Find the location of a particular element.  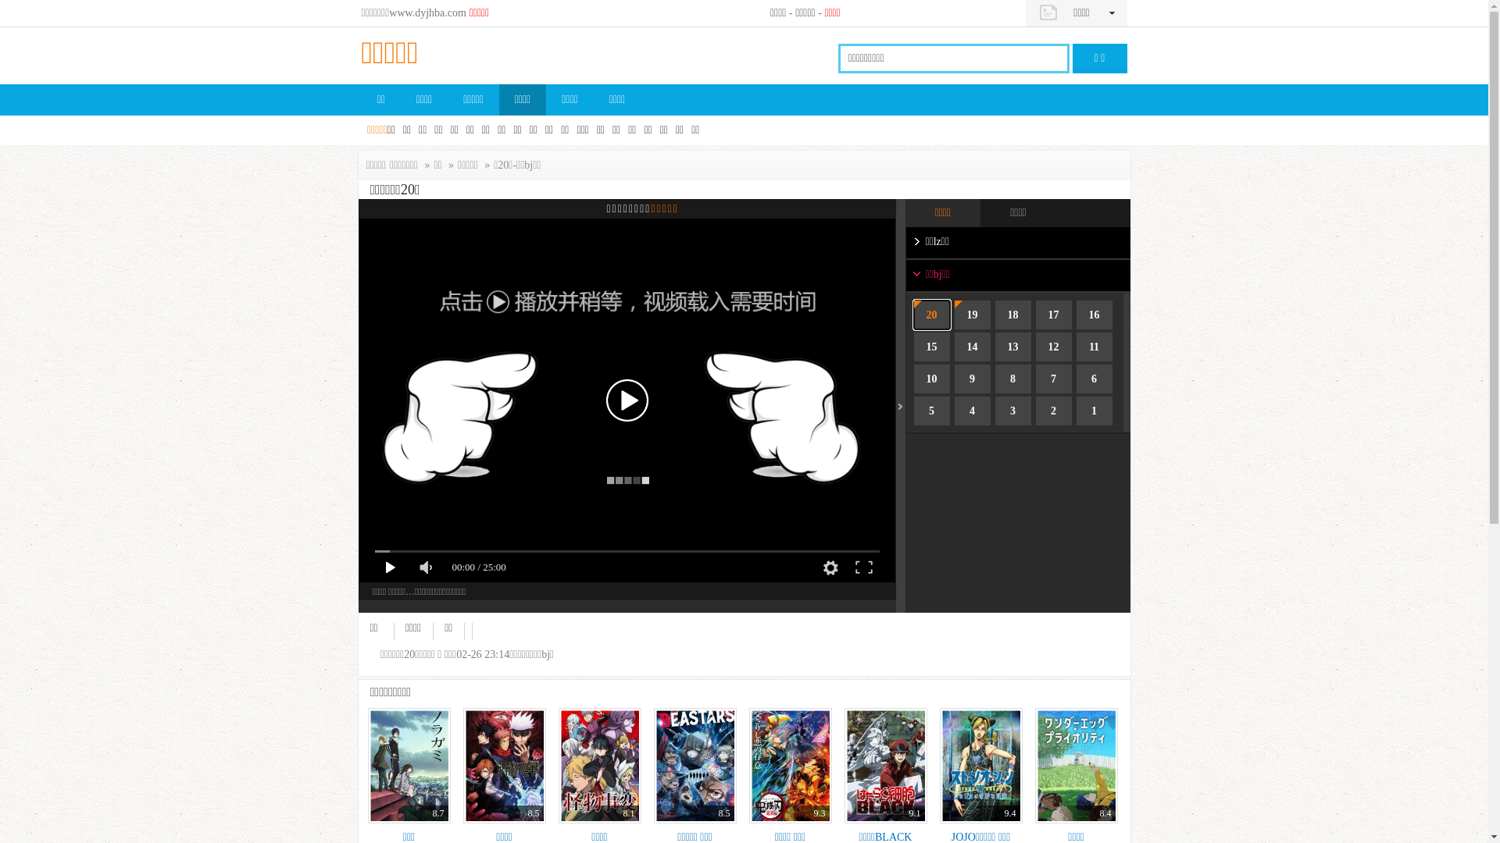

'11' is located at coordinates (1094, 346).